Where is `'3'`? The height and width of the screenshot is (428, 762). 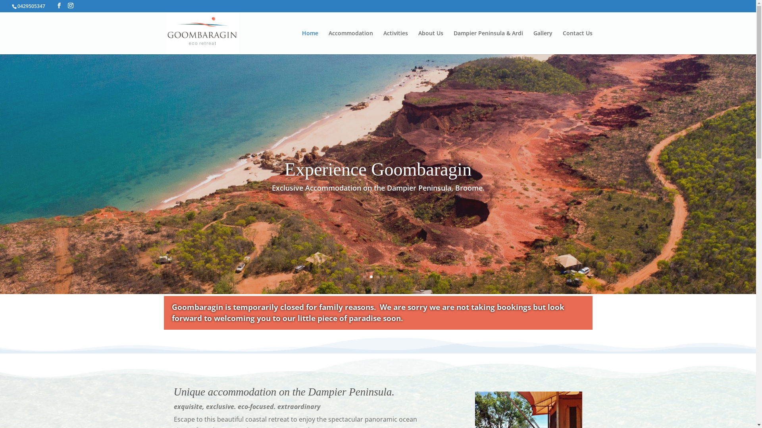 '3' is located at coordinates (377, 276).